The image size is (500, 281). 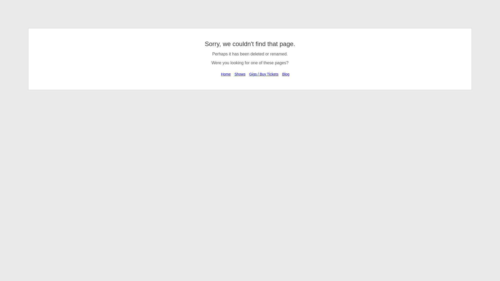 What do you see at coordinates (240, 74) in the screenshot?
I see `'Shows'` at bounding box center [240, 74].